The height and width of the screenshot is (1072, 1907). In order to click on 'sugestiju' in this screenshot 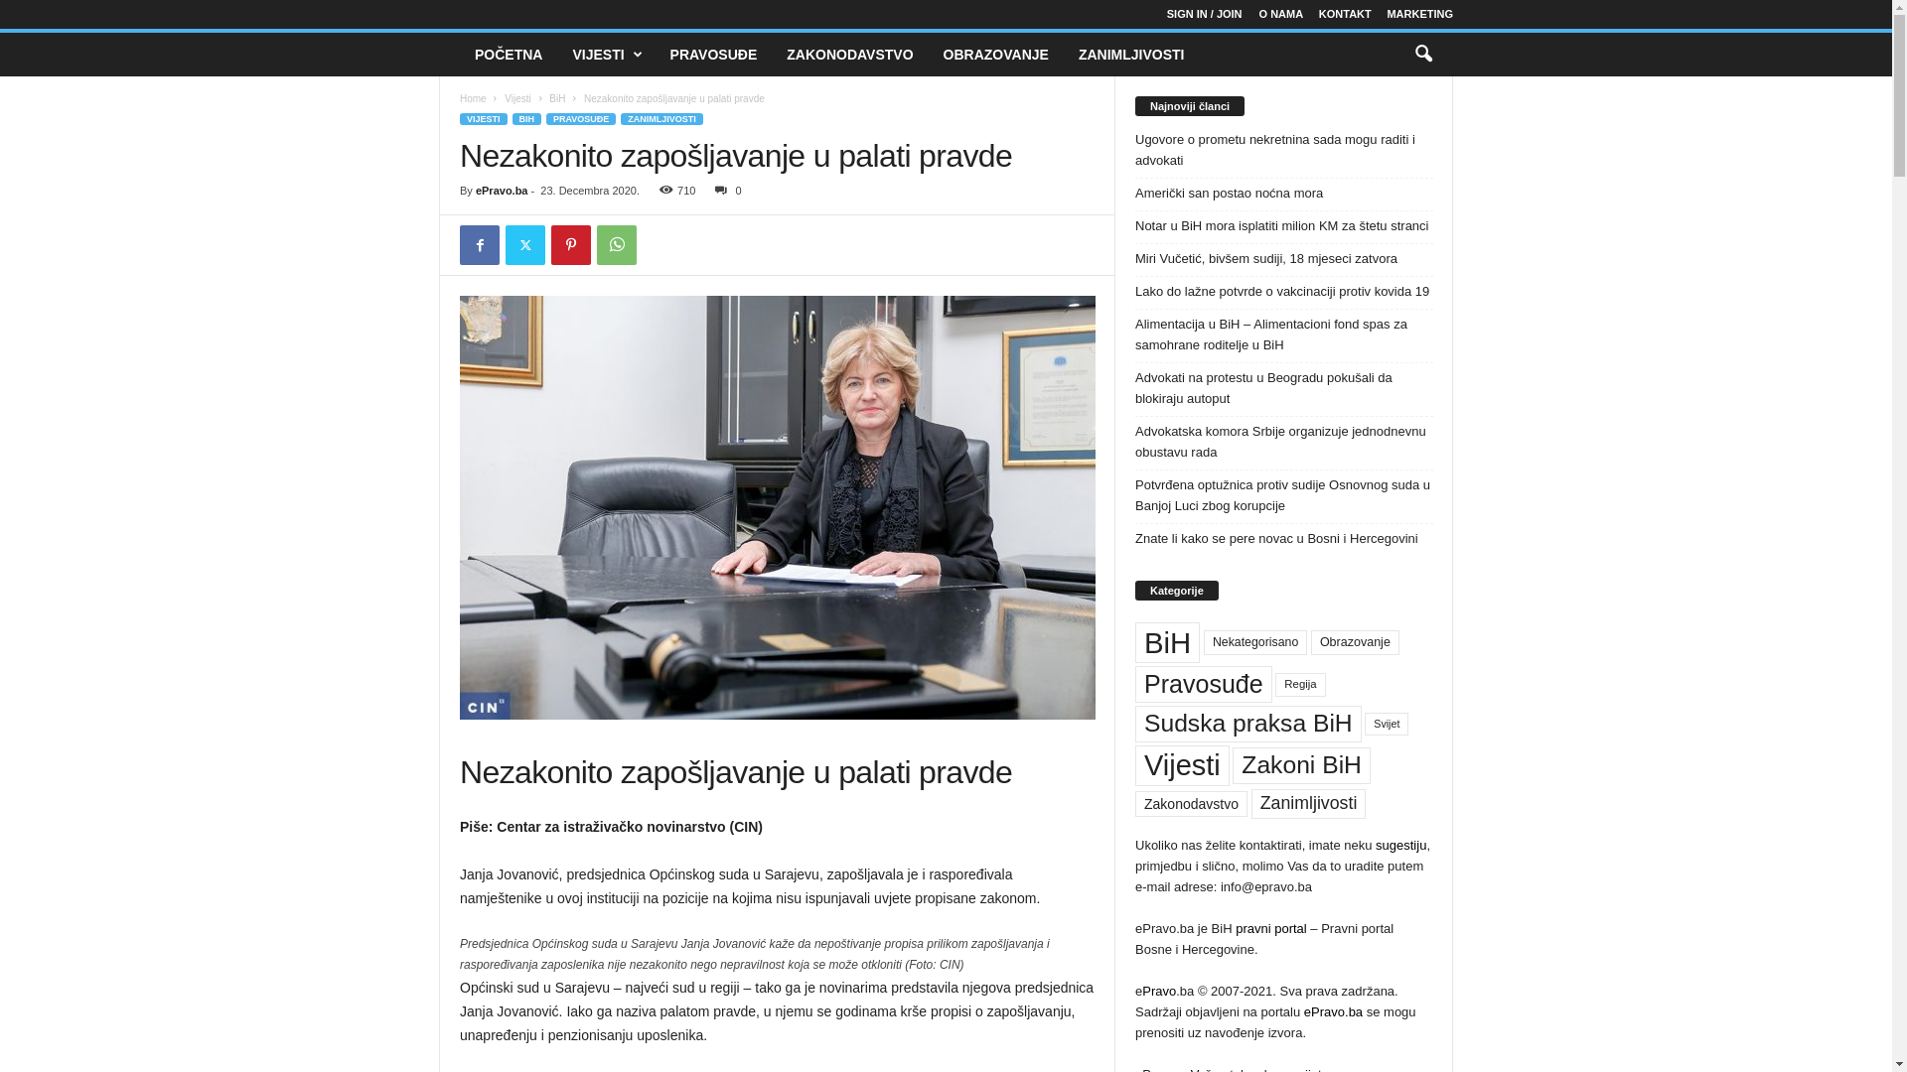, I will do `click(1399, 845)`.